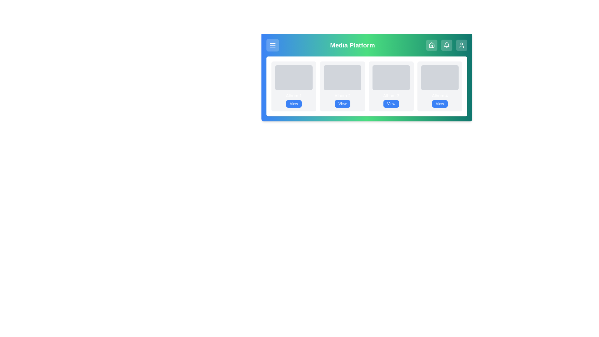  I want to click on the menu button to toggle the menu visibility, so click(272, 45).